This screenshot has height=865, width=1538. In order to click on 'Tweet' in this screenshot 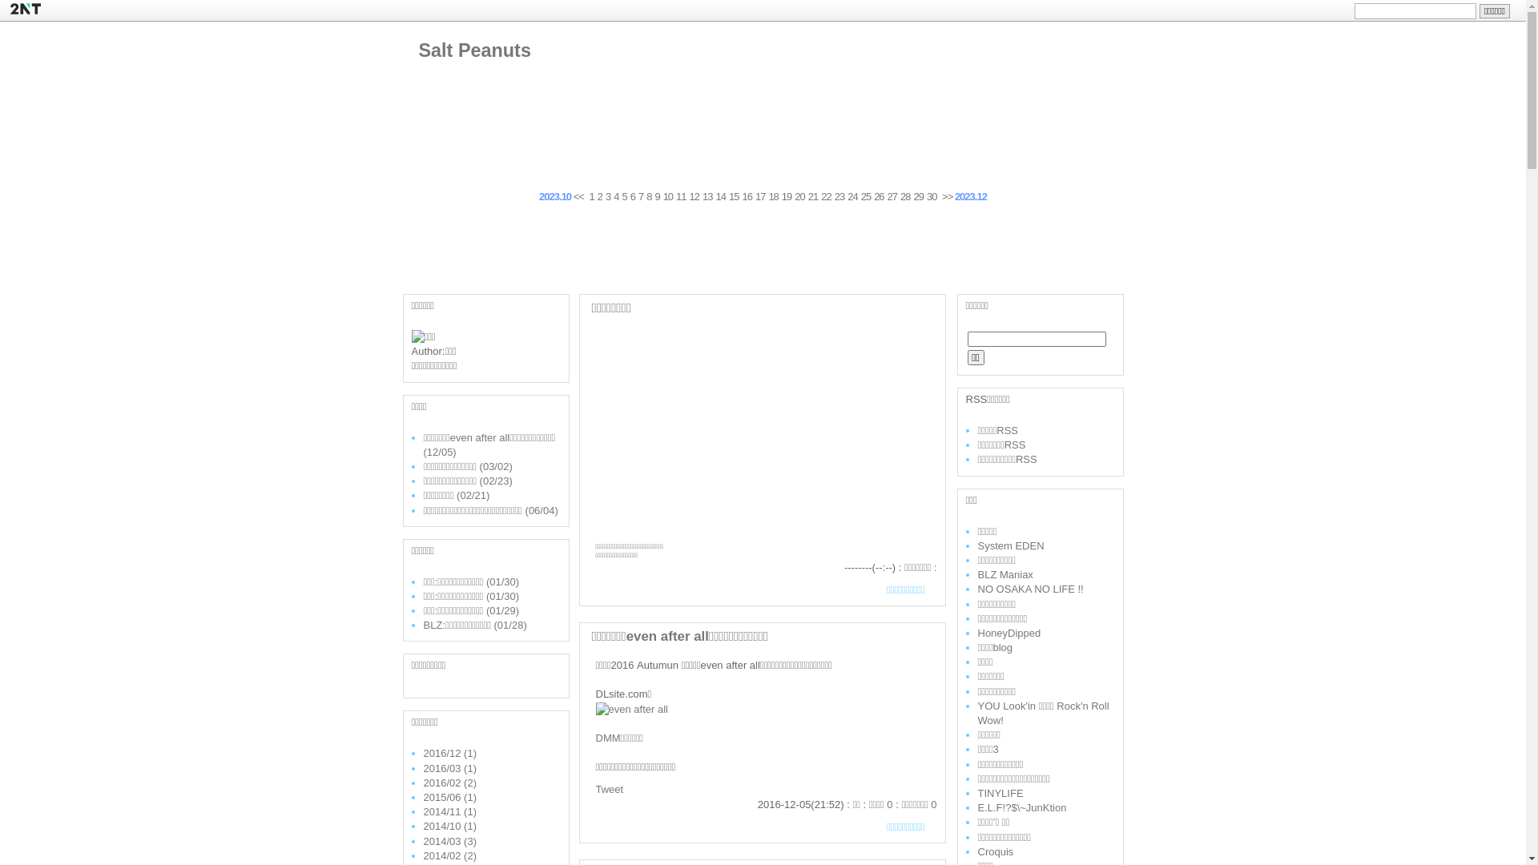, I will do `click(609, 788)`.